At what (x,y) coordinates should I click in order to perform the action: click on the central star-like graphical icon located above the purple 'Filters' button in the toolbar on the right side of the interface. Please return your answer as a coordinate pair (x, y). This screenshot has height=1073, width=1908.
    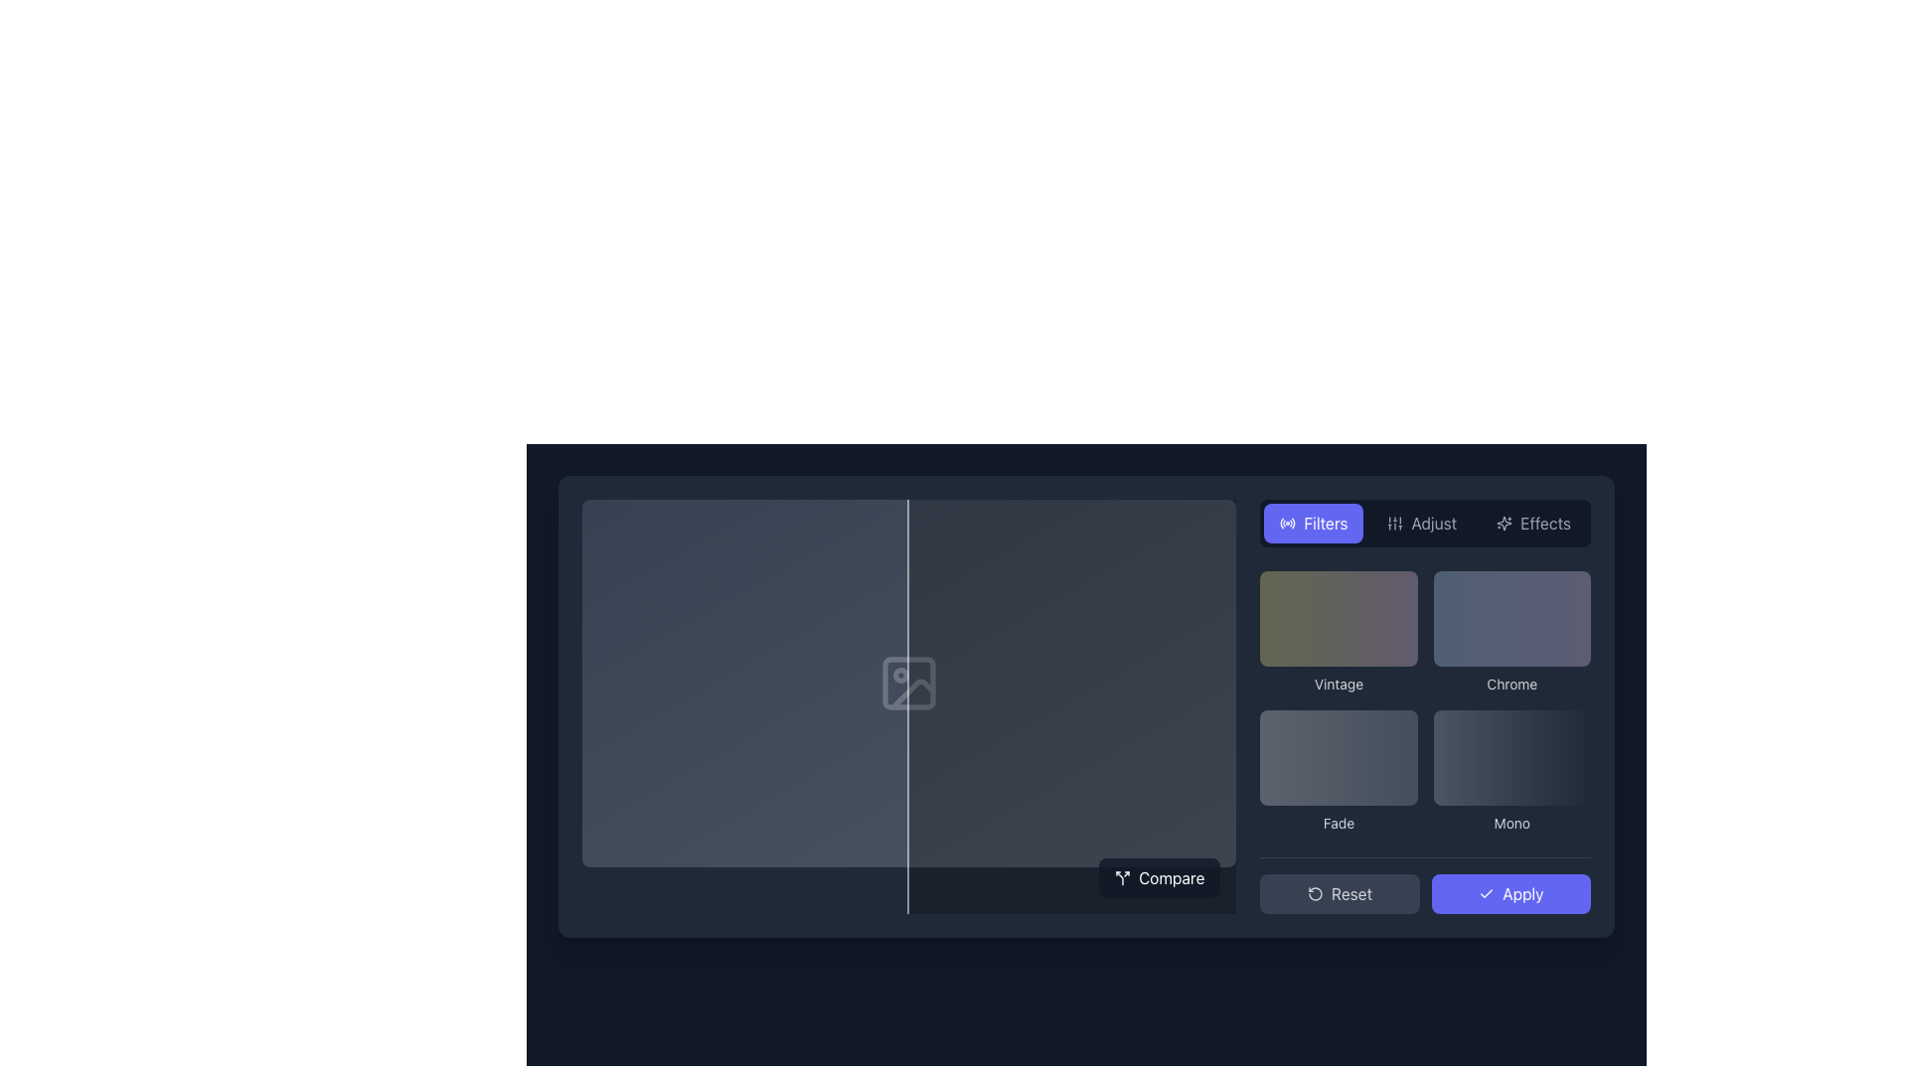
    Looking at the image, I should click on (1504, 523).